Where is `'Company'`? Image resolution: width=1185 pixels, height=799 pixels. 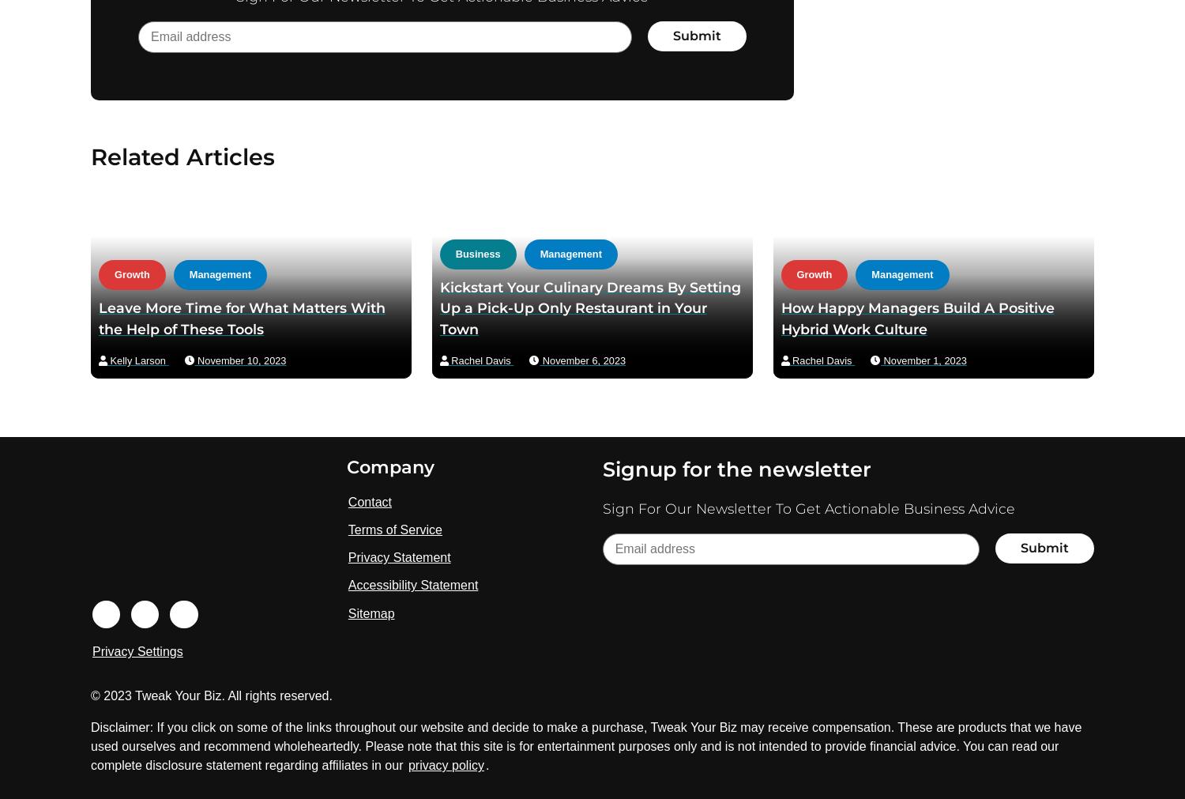 'Company' is located at coordinates (389, 467).